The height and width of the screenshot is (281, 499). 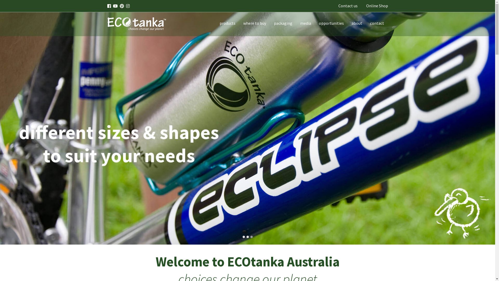 I want to click on 'Contact us', so click(x=348, y=6).